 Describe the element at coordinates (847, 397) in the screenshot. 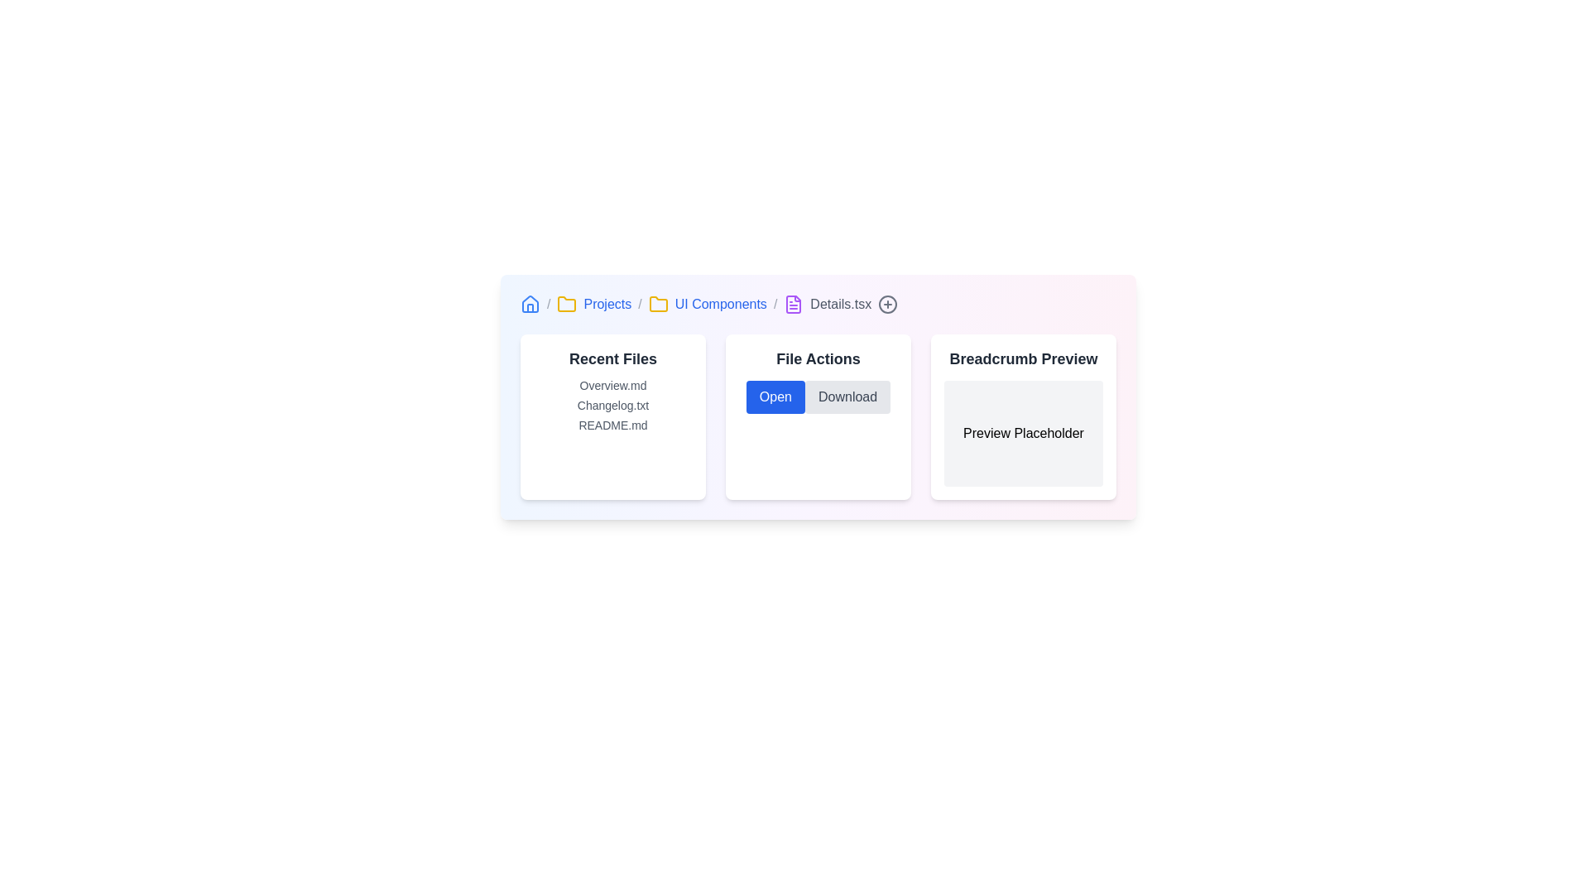

I see `the download button located to the immediate right of the 'Open' button in the 'File Actions' section to initiate the file download process` at that location.